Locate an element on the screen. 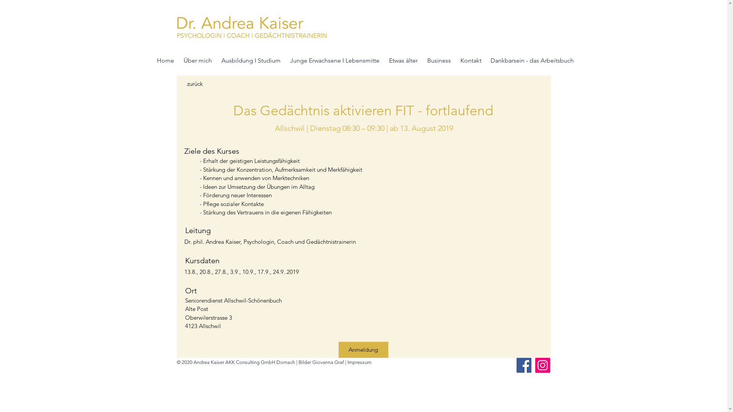 This screenshot has height=412, width=733. 'Anmeldung' is located at coordinates (362, 350).